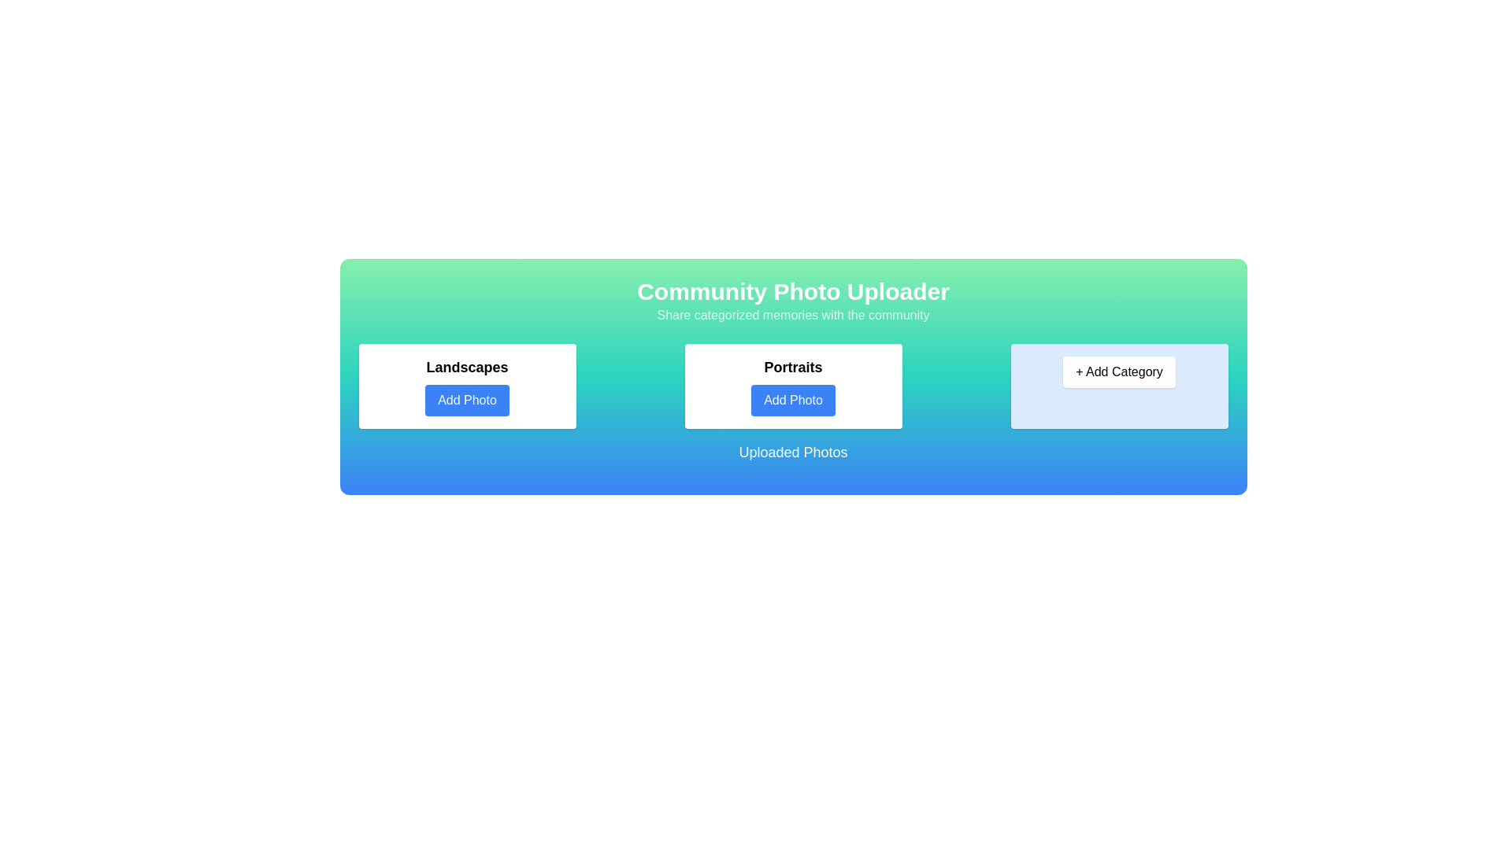 Image resolution: width=1512 pixels, height=850 pixels. Describe the element at coordinates (793, 400) in the screenshot. I see `the button to upload a photo in the 'Portraits' category, which is centrally located beneath the section title and above other content` at that location.